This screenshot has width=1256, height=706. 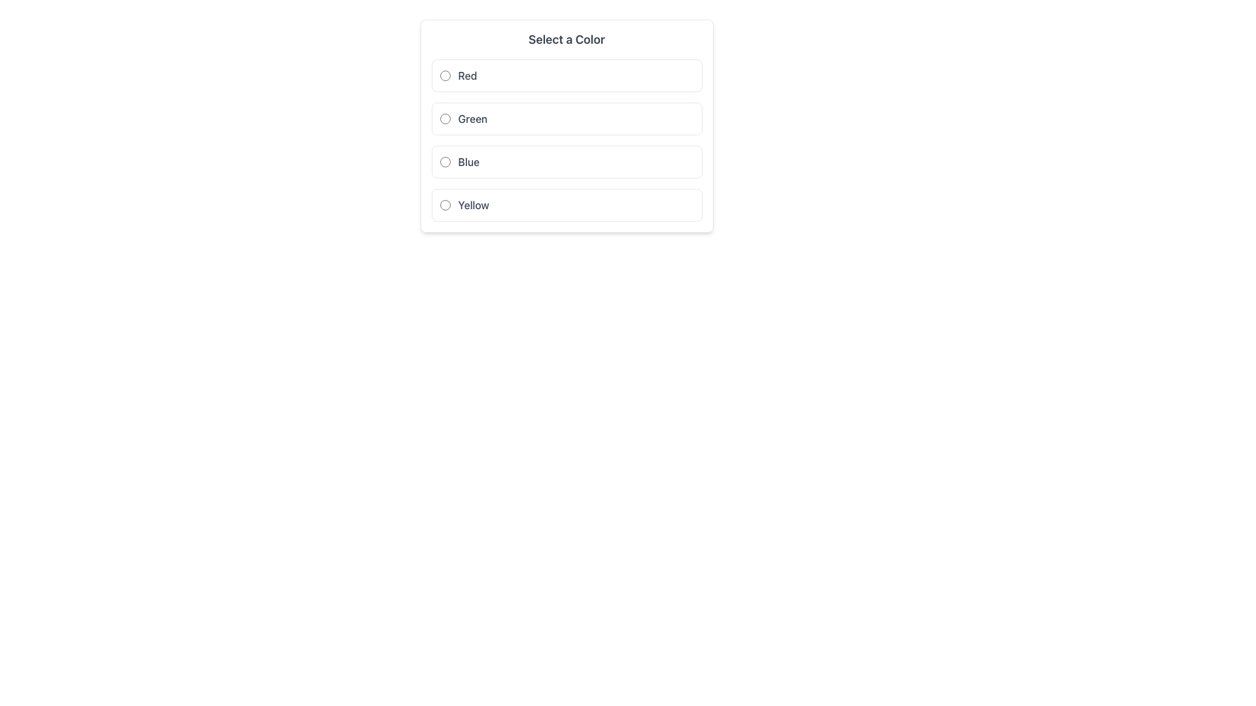 I want to click on the second radio button for the option 'Green', so click(x=445, y=118).